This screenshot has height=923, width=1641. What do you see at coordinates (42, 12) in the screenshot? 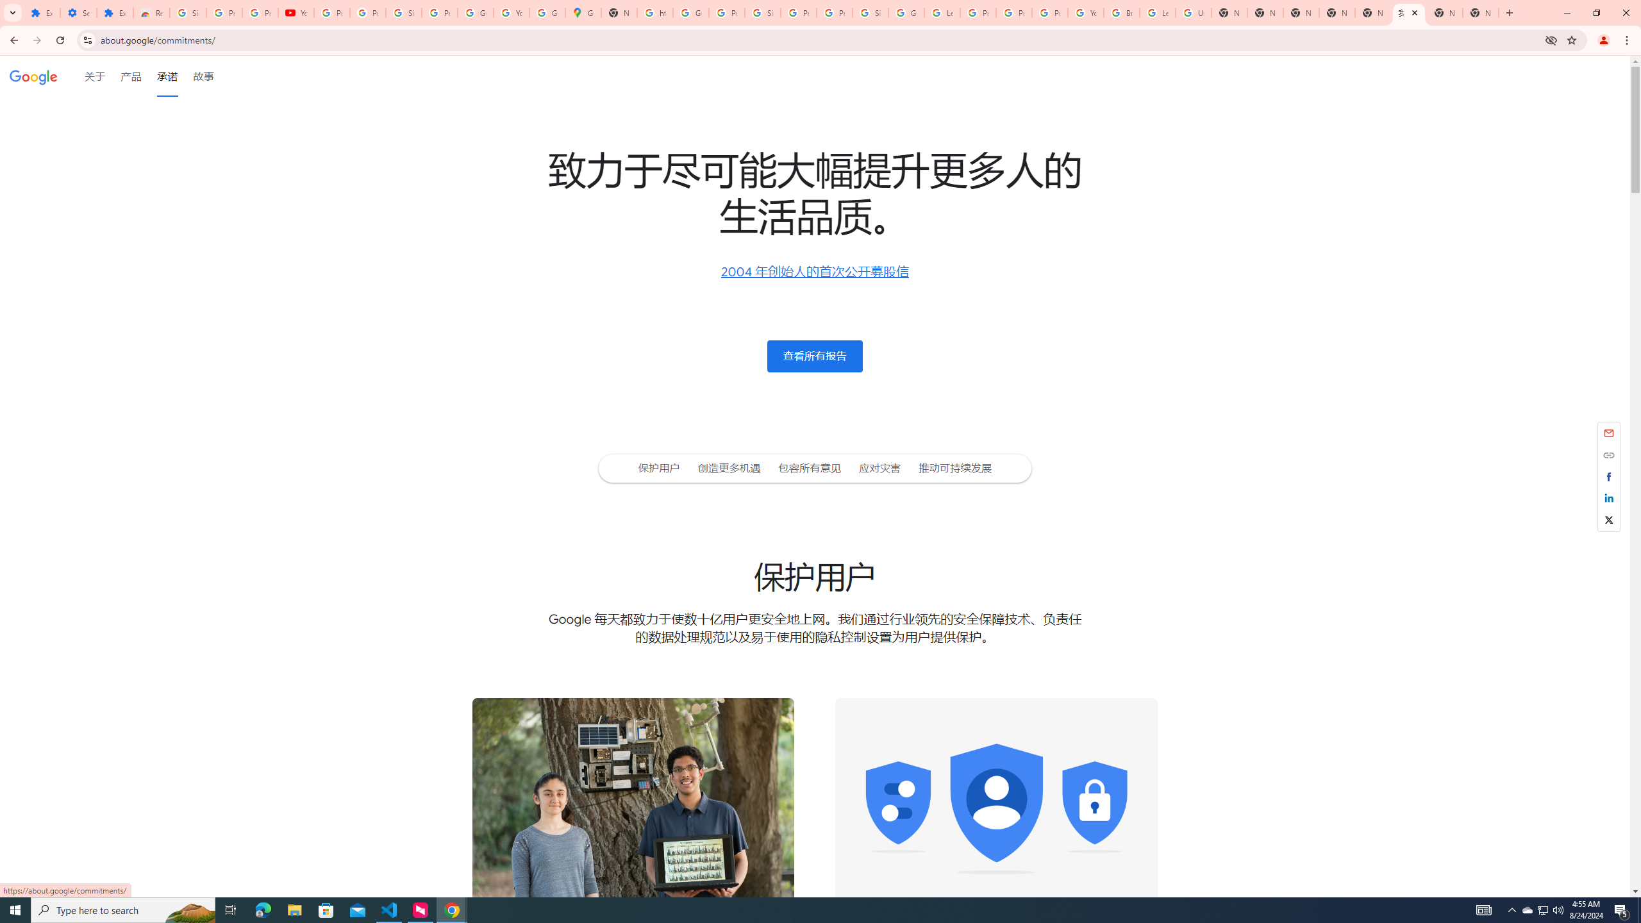
I see `'Extensions'` at bounding box center [42, 12].